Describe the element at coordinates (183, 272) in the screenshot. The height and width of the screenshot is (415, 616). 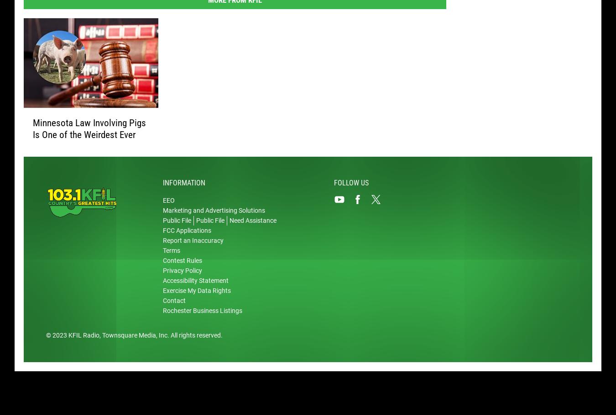
I see `'Privacy Policy'` at that location.